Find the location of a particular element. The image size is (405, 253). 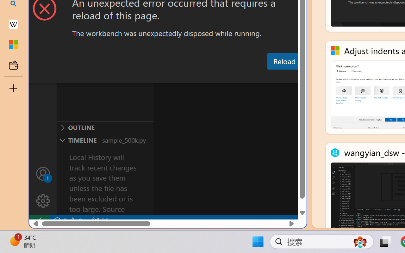

'Outline Section' is located at coordinates (105, 127).